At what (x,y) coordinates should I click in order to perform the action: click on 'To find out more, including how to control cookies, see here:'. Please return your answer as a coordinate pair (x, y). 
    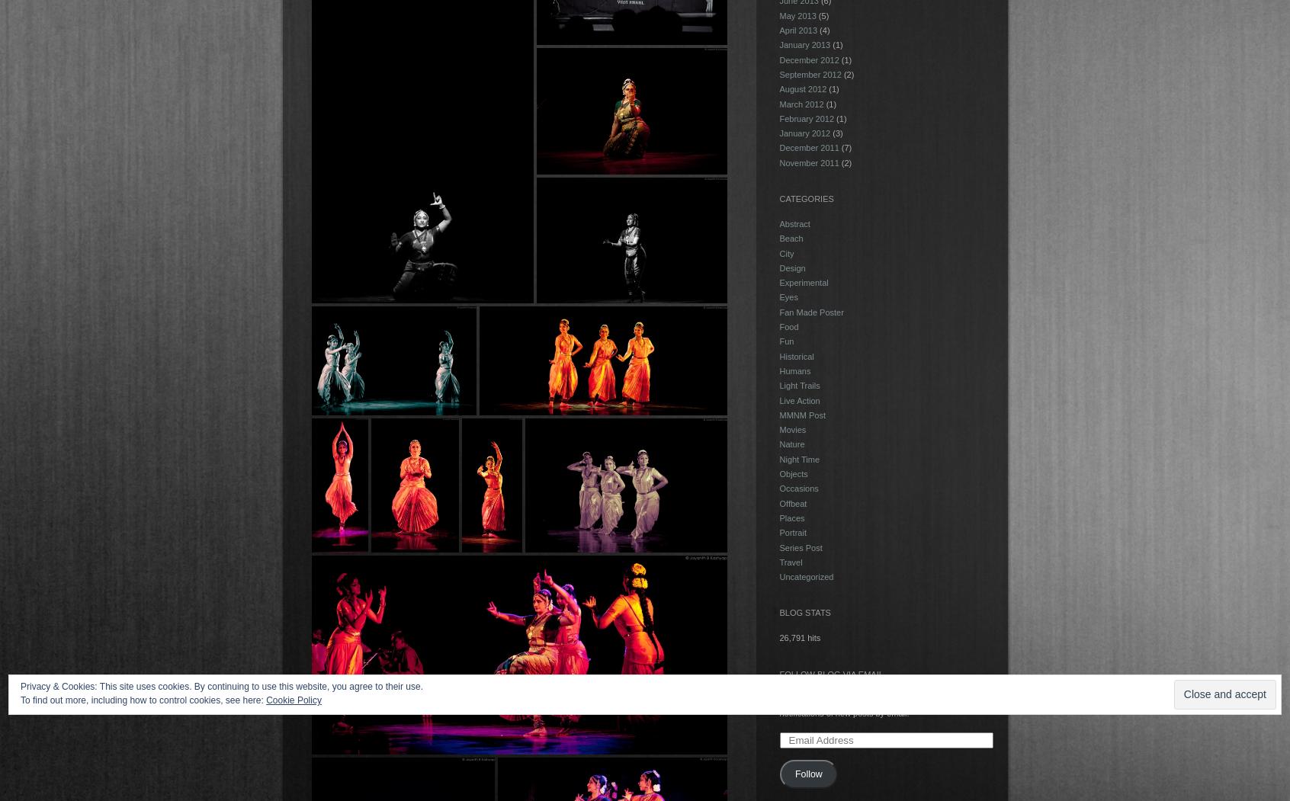
    Looking at the image, I should click on (142, 700).